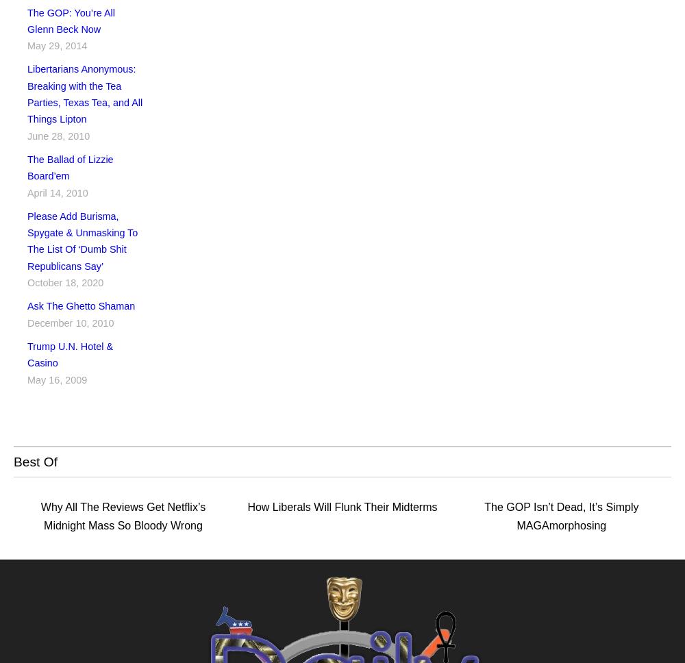 The height and width of the screenshot is (663, 685). I want to click on 'December 10, 2010', so click(27, 322).